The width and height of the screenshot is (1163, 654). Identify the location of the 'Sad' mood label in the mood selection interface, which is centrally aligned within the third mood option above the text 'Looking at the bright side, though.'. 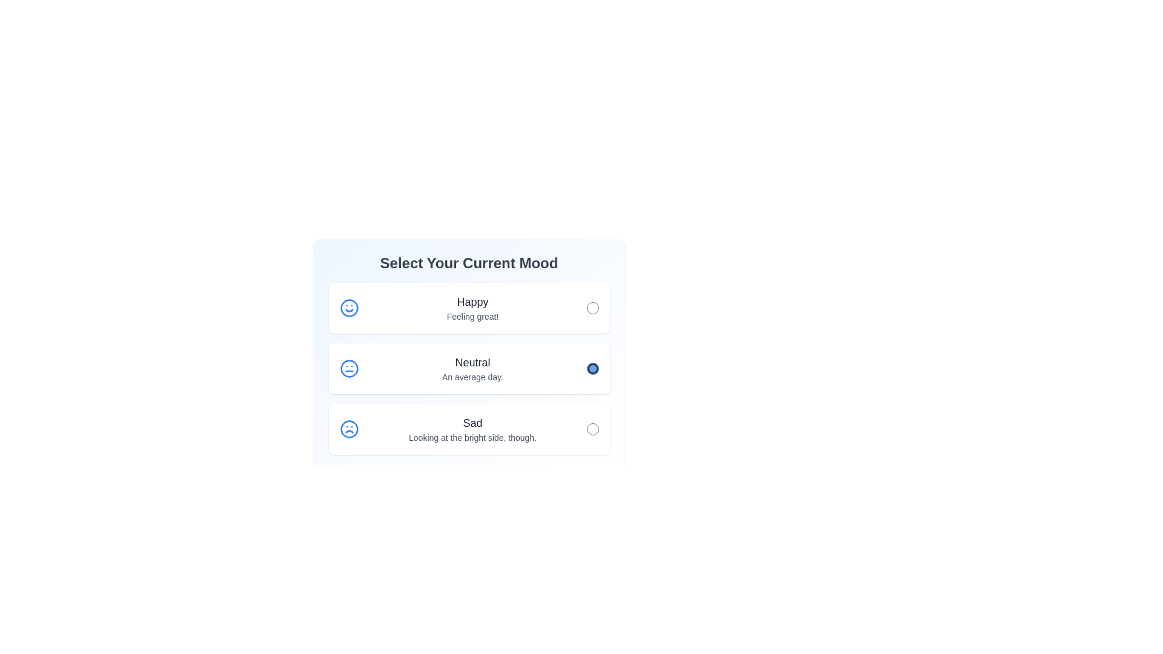
(472, 422).